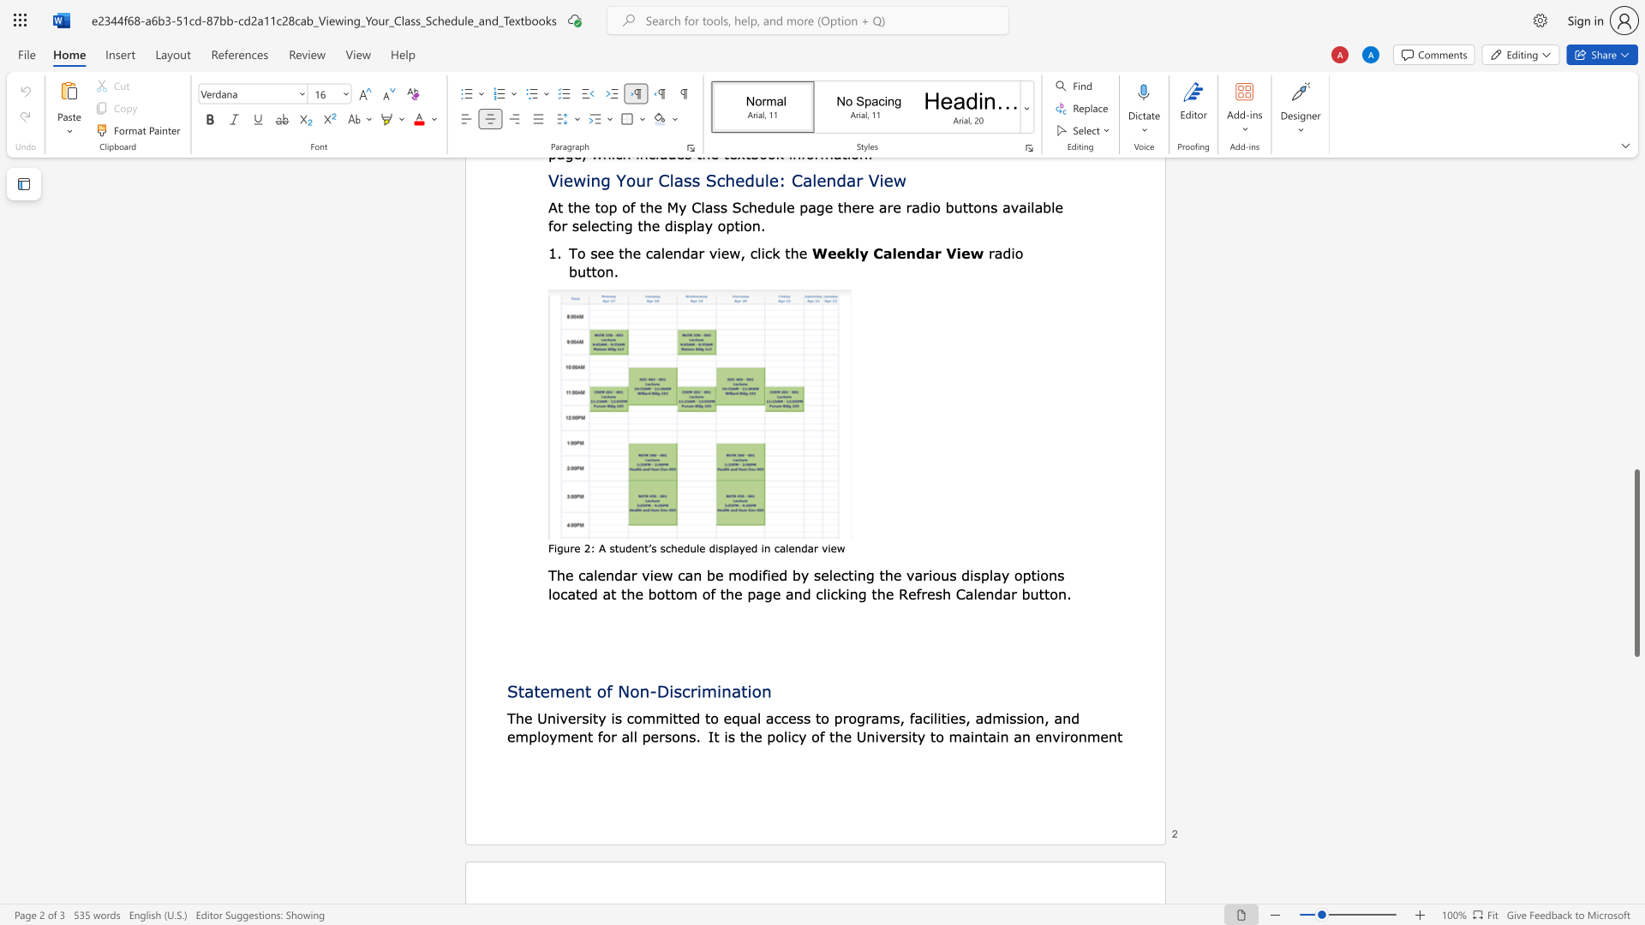  I want to click on the scrollbar on the right to move the page upward, so click(1636, 179).